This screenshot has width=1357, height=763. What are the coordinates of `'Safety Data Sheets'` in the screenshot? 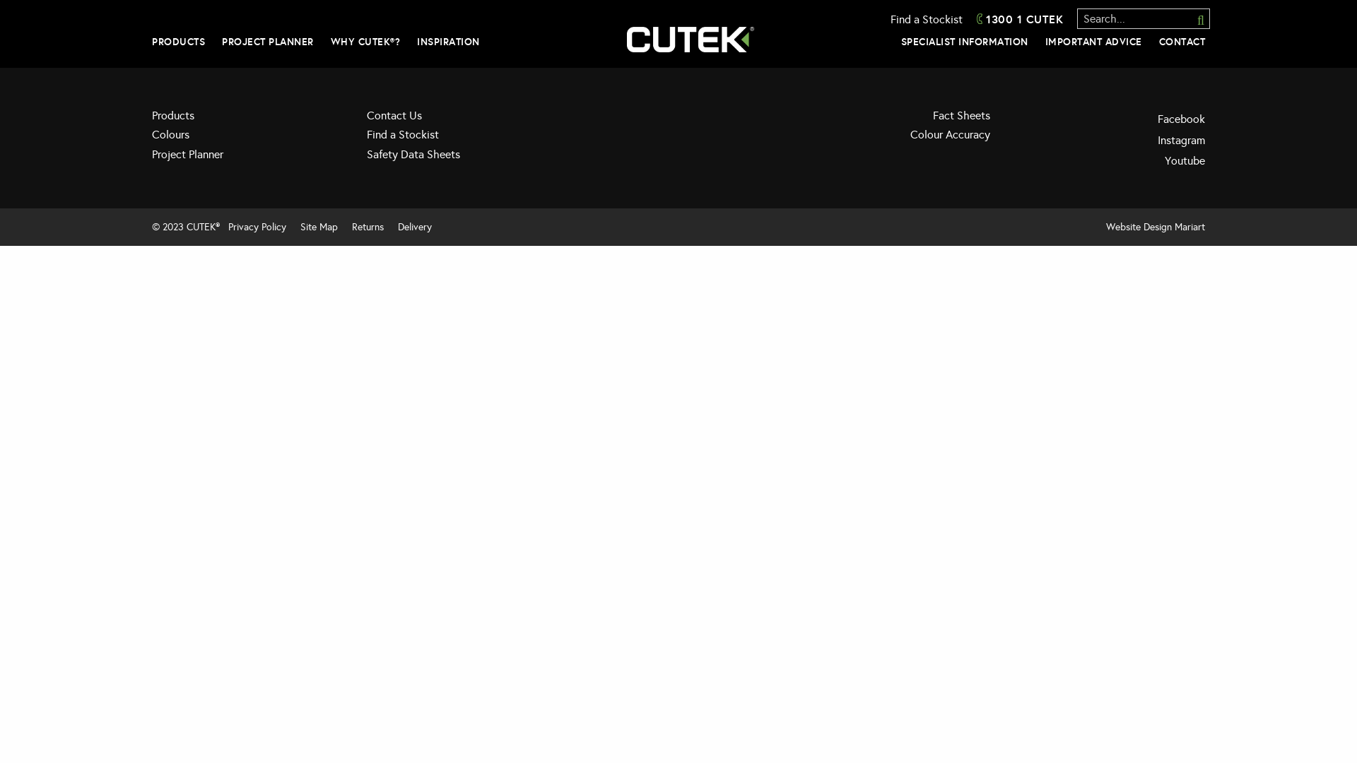 It's located at (464, 158).